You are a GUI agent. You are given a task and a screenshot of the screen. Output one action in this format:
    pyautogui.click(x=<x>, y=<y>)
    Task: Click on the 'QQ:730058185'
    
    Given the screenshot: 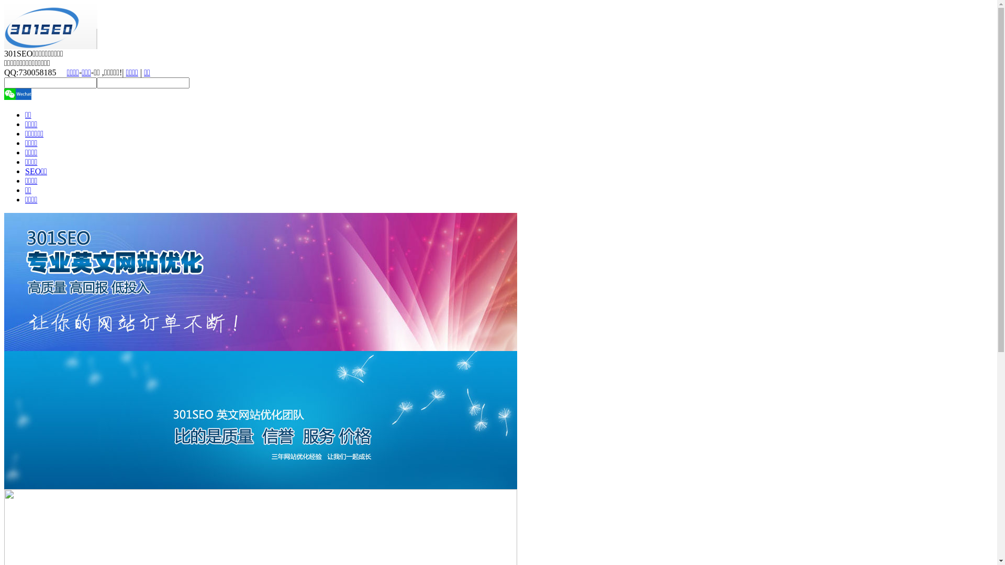 What is the action you would take?
    pyautogui.click(x=30, y=72)
    